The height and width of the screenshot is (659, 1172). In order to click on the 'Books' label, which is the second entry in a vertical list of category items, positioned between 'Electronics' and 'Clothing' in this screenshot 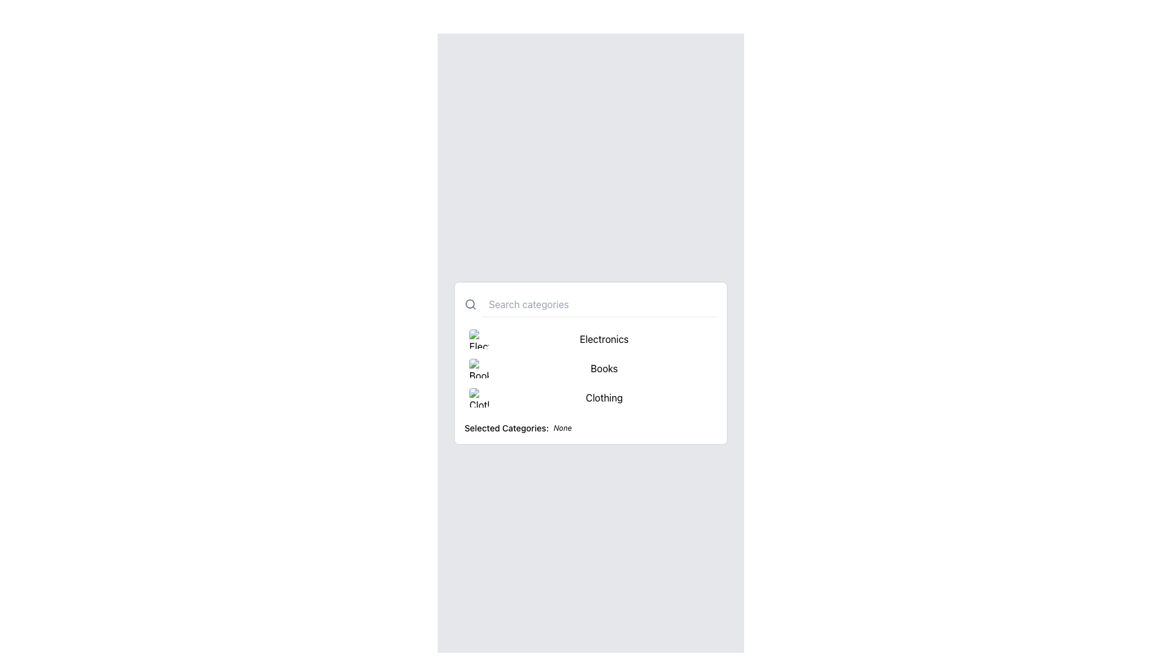, I will do `click(604, 367)`.